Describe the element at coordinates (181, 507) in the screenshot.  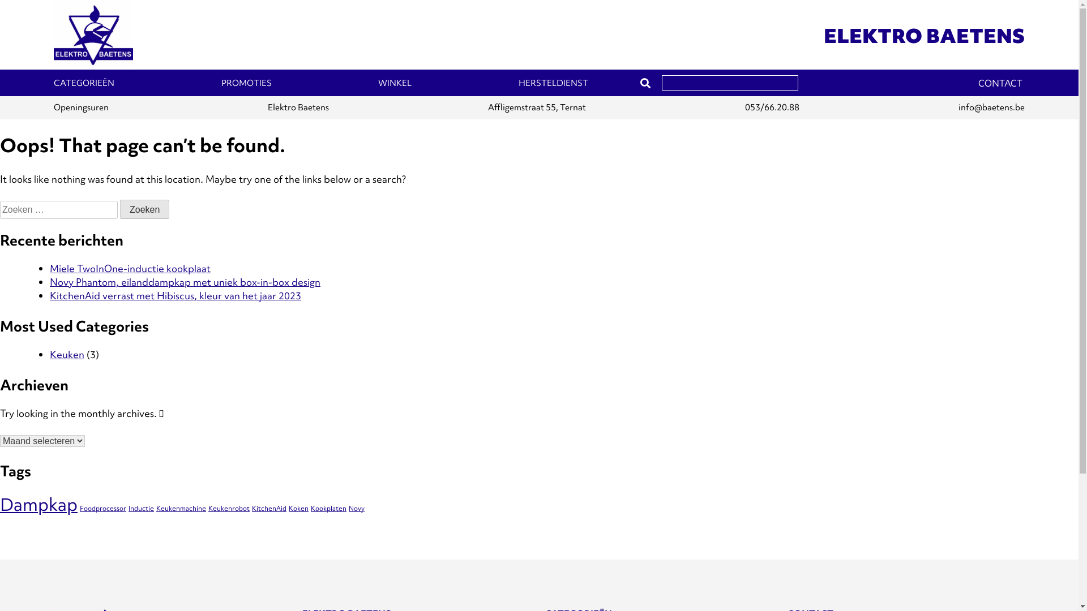
I see `'Keukenmachine'` at that location.